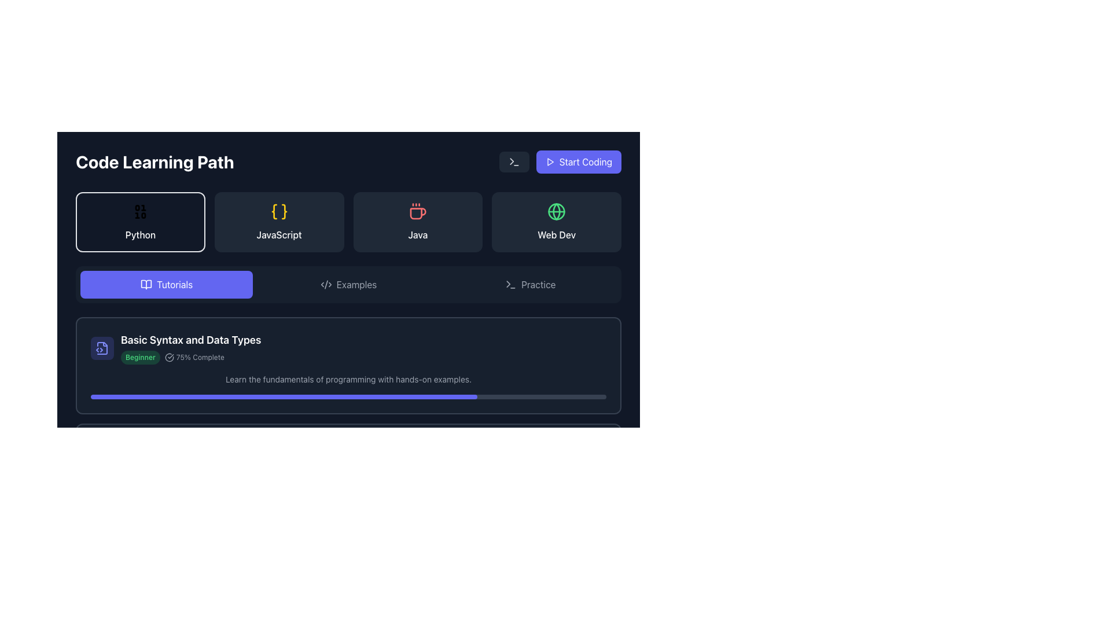 The width and height of the screenshot is (1111, 625). I want to click on the 'Practice' button, which is the last button in a group of three, so click(529, 285).